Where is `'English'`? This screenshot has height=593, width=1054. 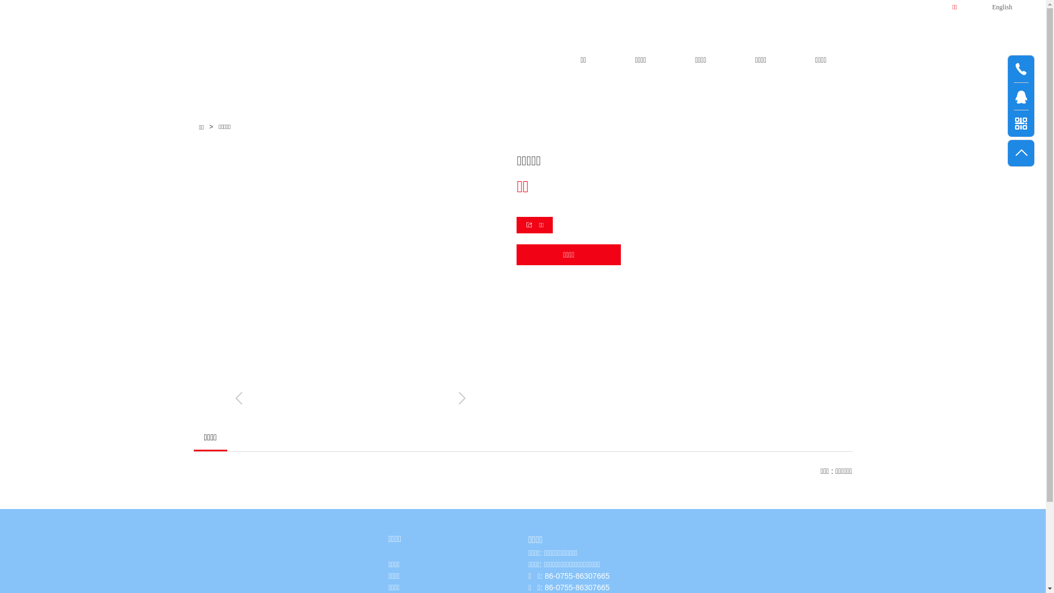
'English' is located at coordinates (990, 6).